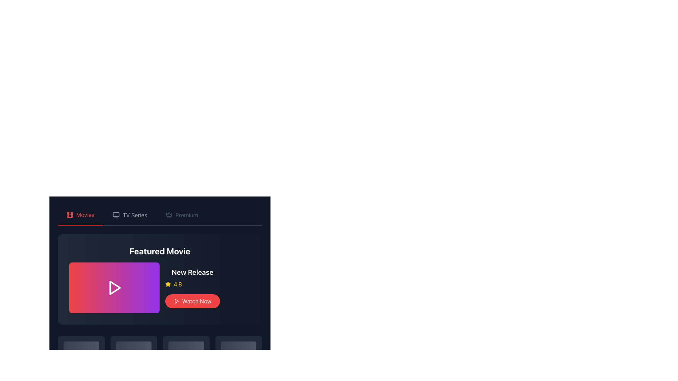 This screenshot has width=678, height=381. What do you see at coordinates (167, 284) in the screenshot?
I see `the star icon indicating a rating of 4.8, located below the 'New Release' section in the featured content listing` at bounding box center [167, 284].